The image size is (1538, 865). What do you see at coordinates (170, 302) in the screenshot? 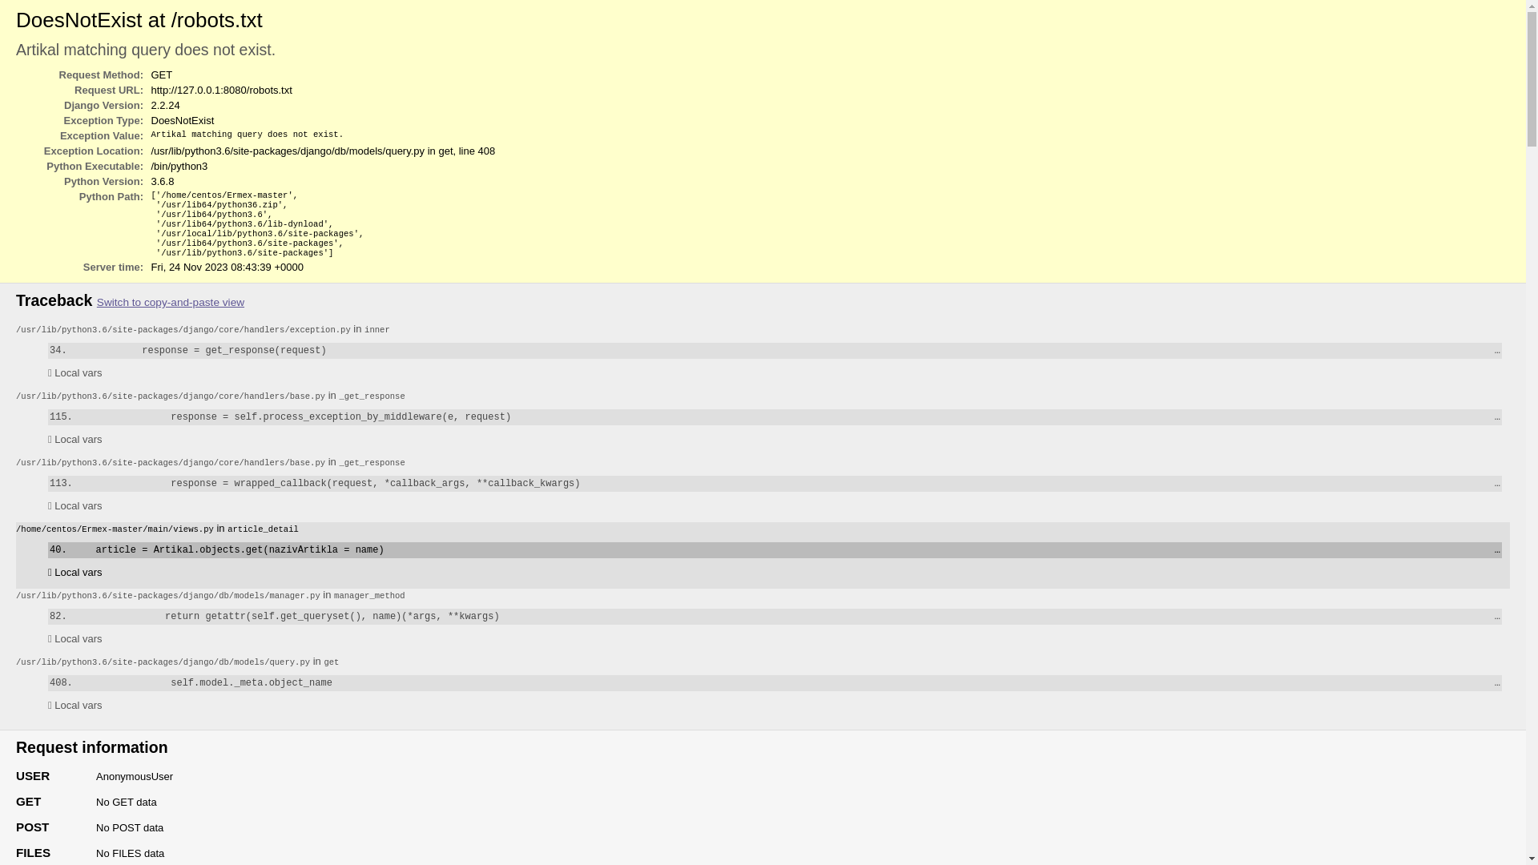
I see `'Switch to copy-and-paste view'` at bounding box center [170, 302].